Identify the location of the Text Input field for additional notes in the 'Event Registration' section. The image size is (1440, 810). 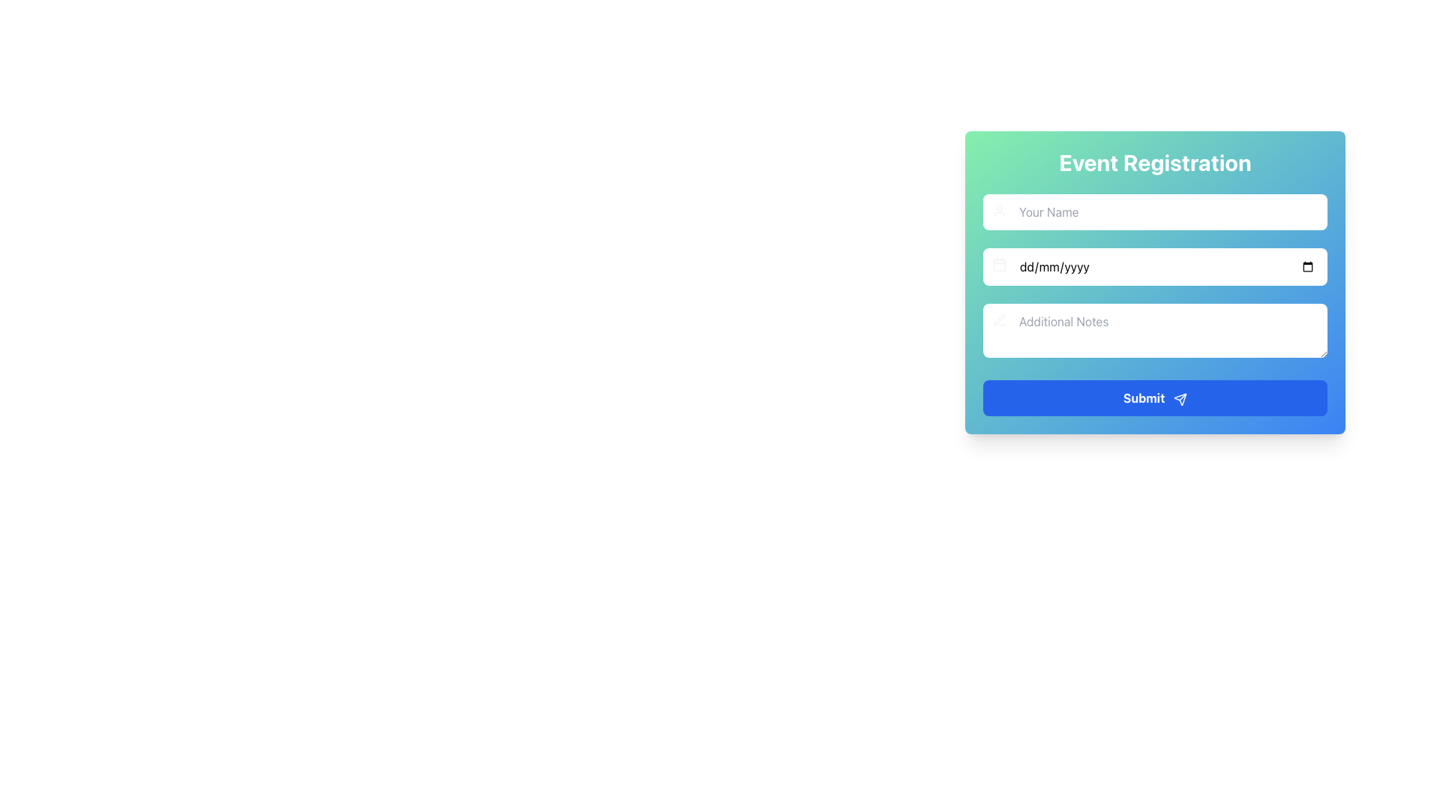
(1154, 304).